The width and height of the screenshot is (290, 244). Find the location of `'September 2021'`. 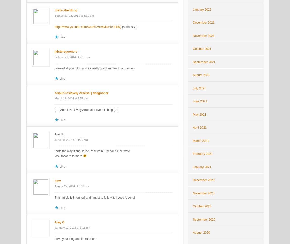

'September 2021' is located at coordinates (204, 62).